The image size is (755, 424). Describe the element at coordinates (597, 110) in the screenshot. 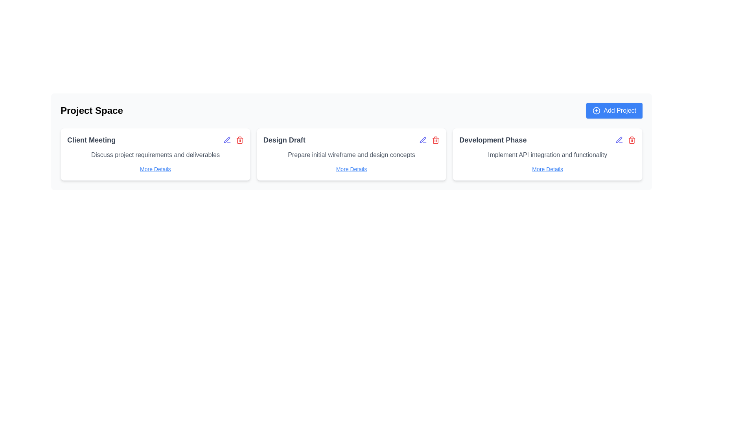

I see `the circular outline of the decorative vector element inside the 'Add Project' button located at the top-right corner of the interface` at that location.